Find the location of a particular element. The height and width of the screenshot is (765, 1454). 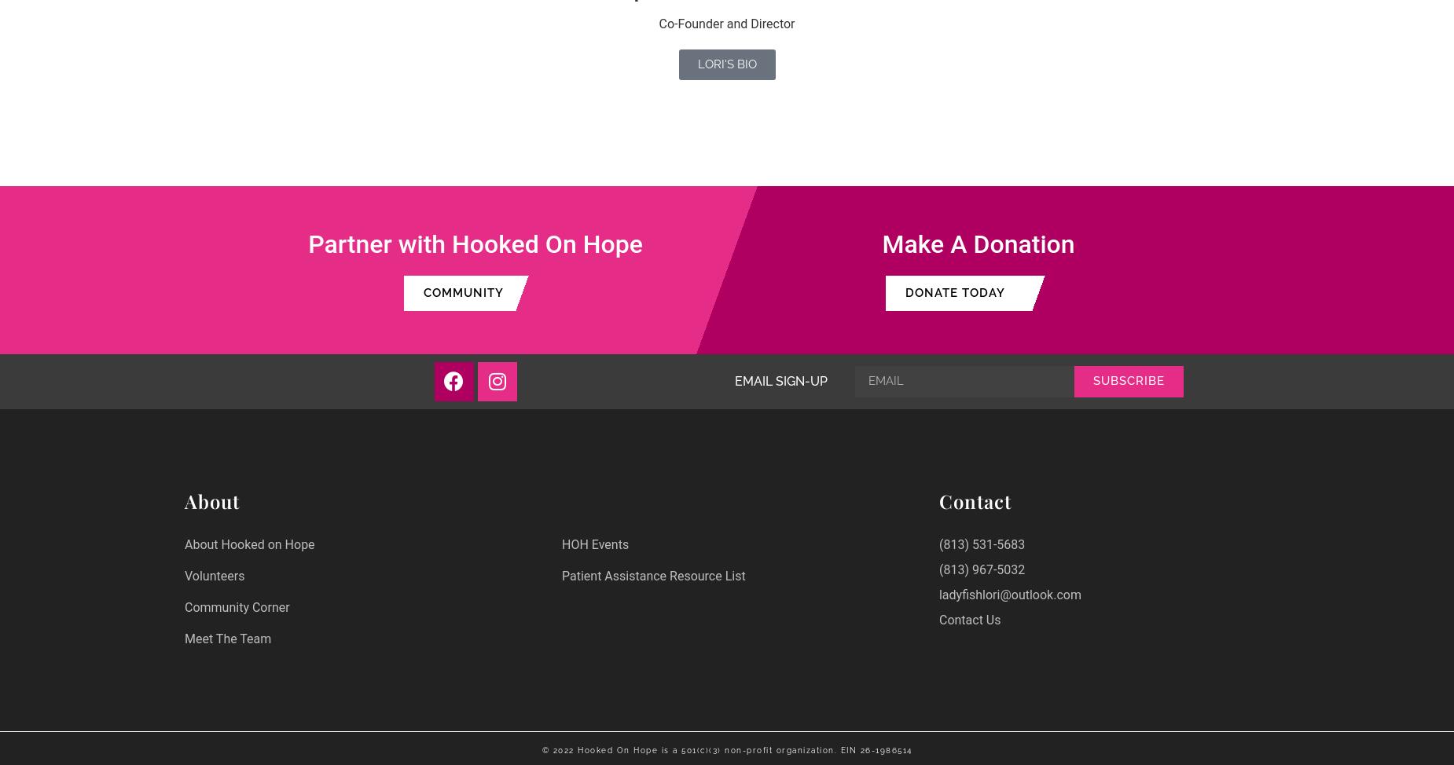

'Patient Assistance Resource List' is located at coordinates (653, 574).